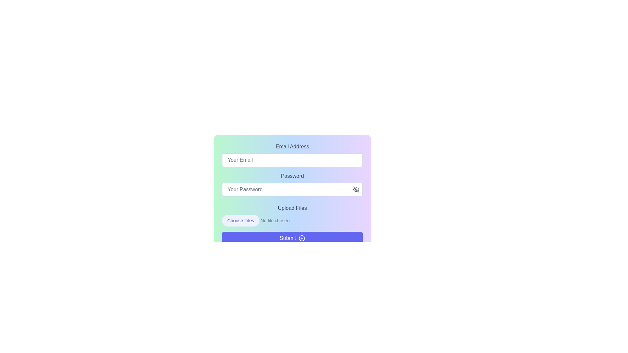  What do you see at coordinates (356, 189) in the screenshot?
I see `the button` at bounding box center [356, 189].